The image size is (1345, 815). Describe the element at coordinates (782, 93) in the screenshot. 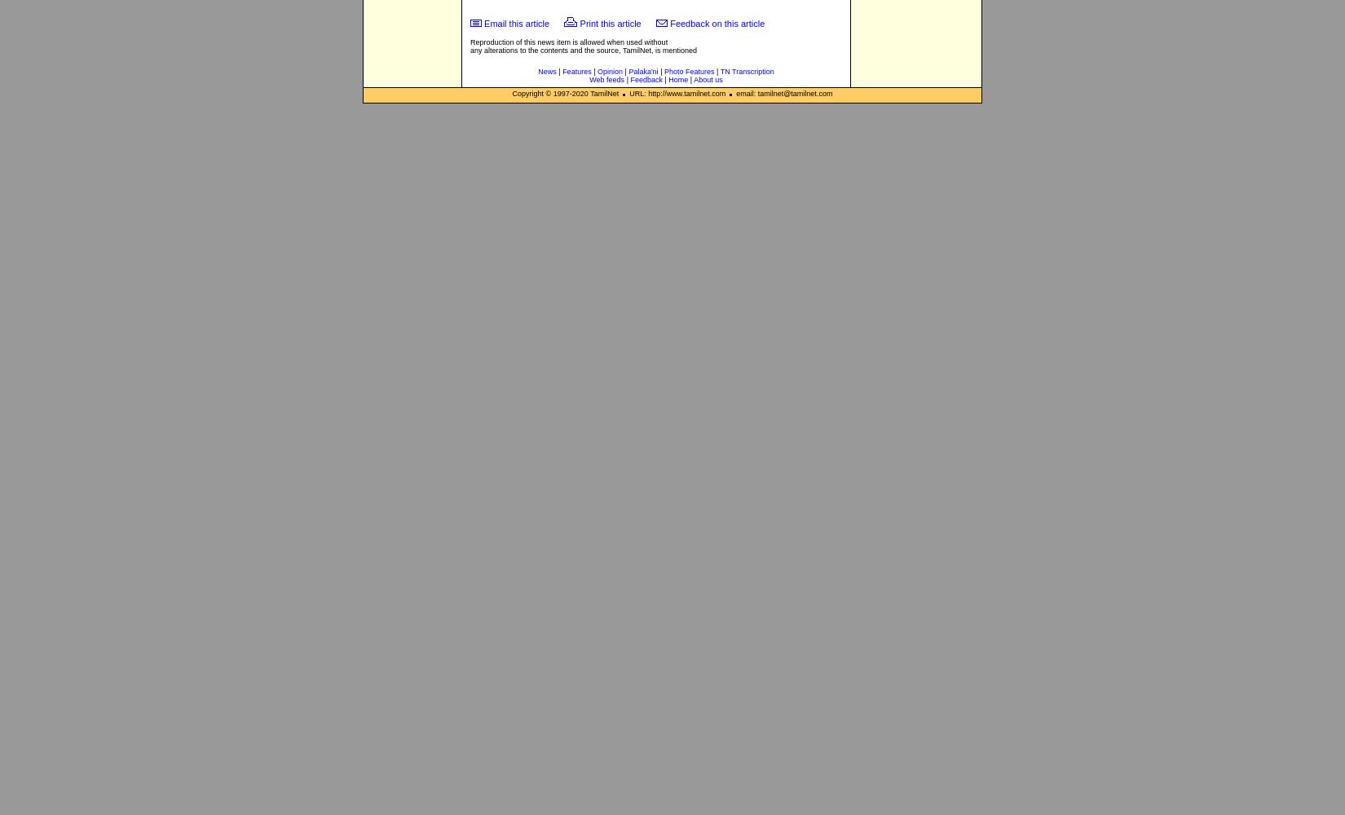

I see `'email: tamilnet@tamilnet.com'` at that location.